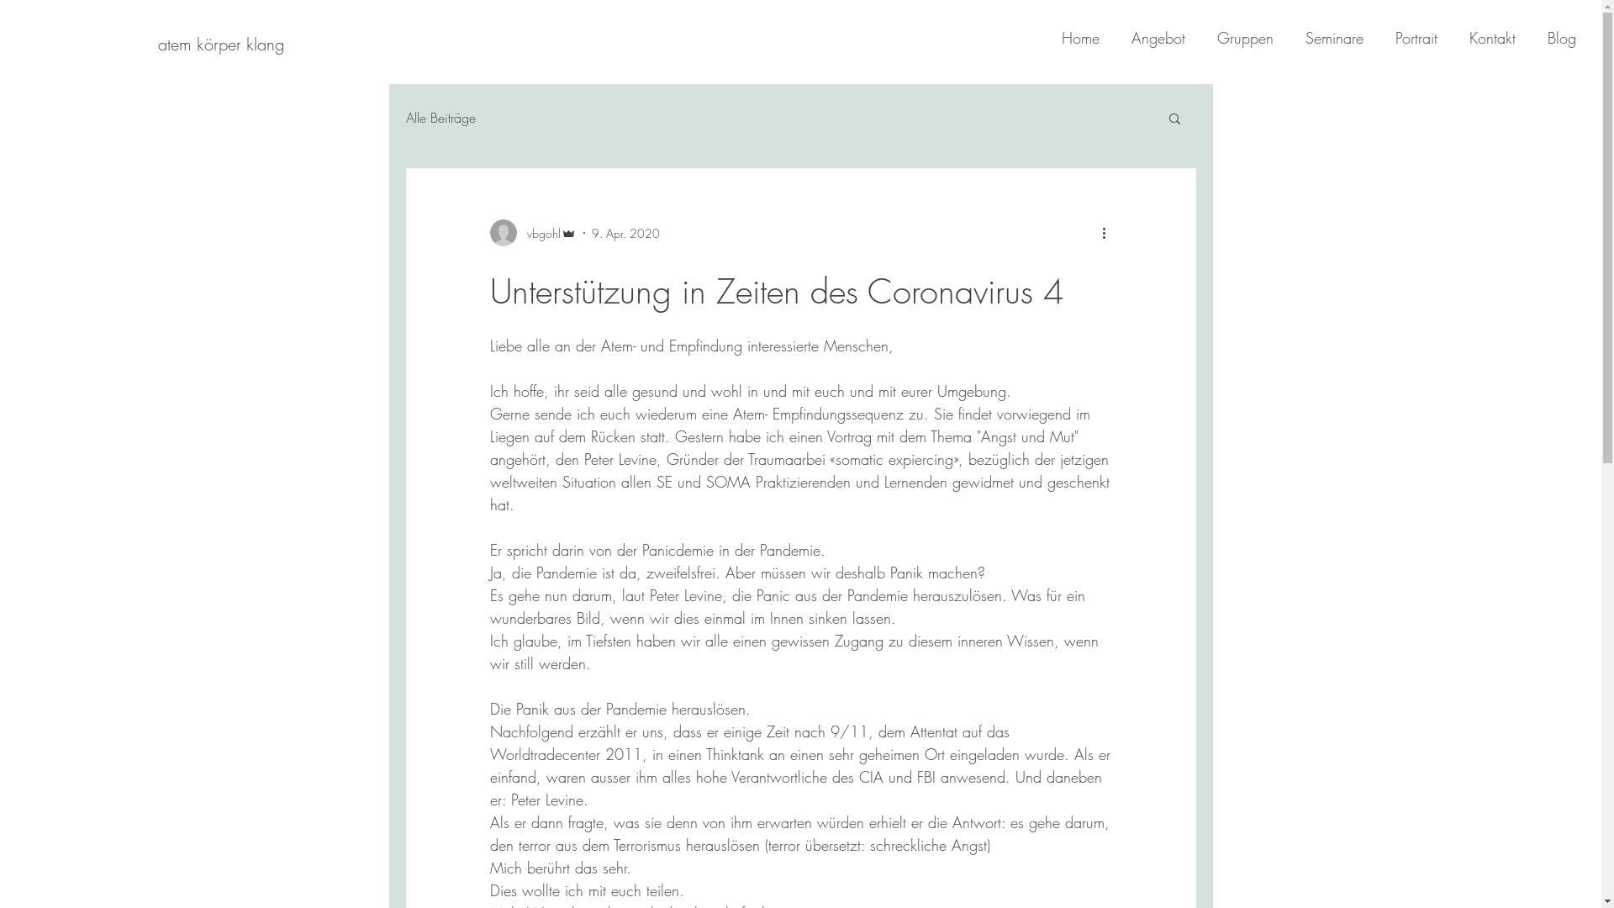 The width and height of the screenshot is (1614, 908). I want to click on 'Angebot', so click(1149, 38).